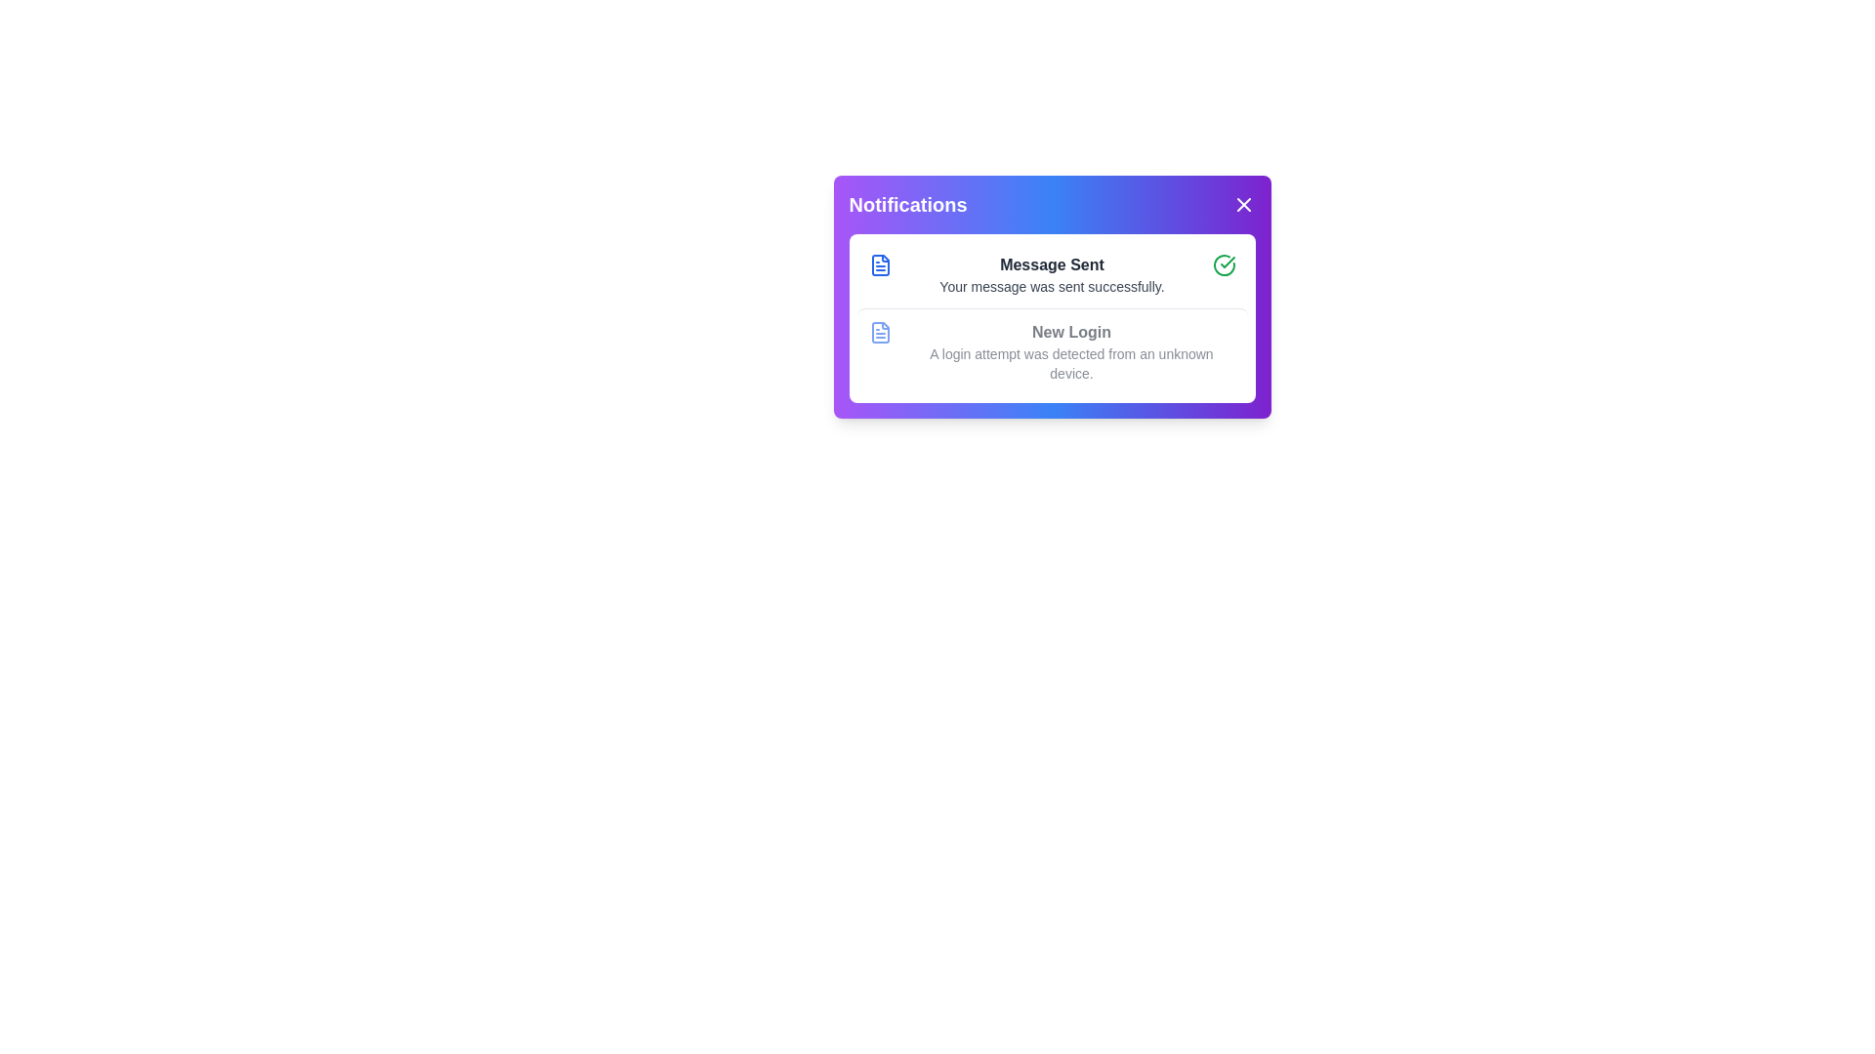 This screenshot has width=1875, height=1054. Describe the element at coordinates (1051, 317) in the screenshot. I see `messages from the Notification Panel, which includes notifications titled 'Message Sent' and 'New Login'` at that location.